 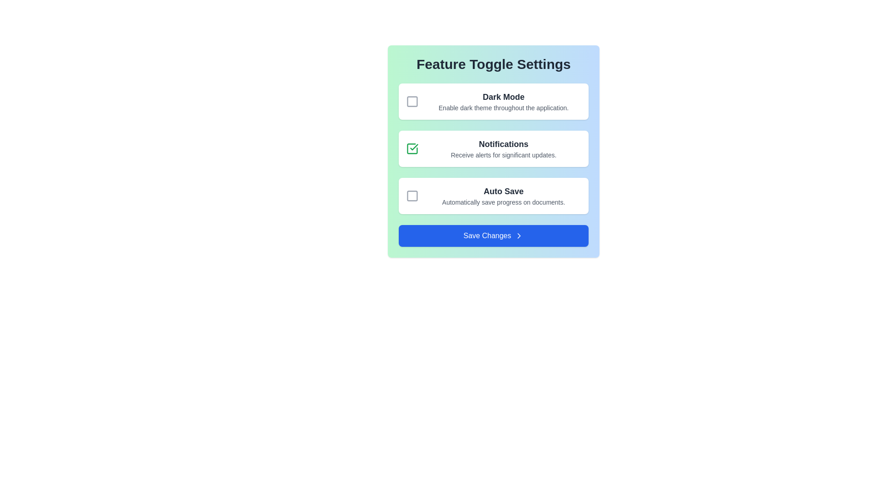 What do you see at coordinates (519, 235) in the screenshot?
I see `the chevron right arrow icon located on the right edge of the 'Save Changes' button` at bounding box center [519, 235].